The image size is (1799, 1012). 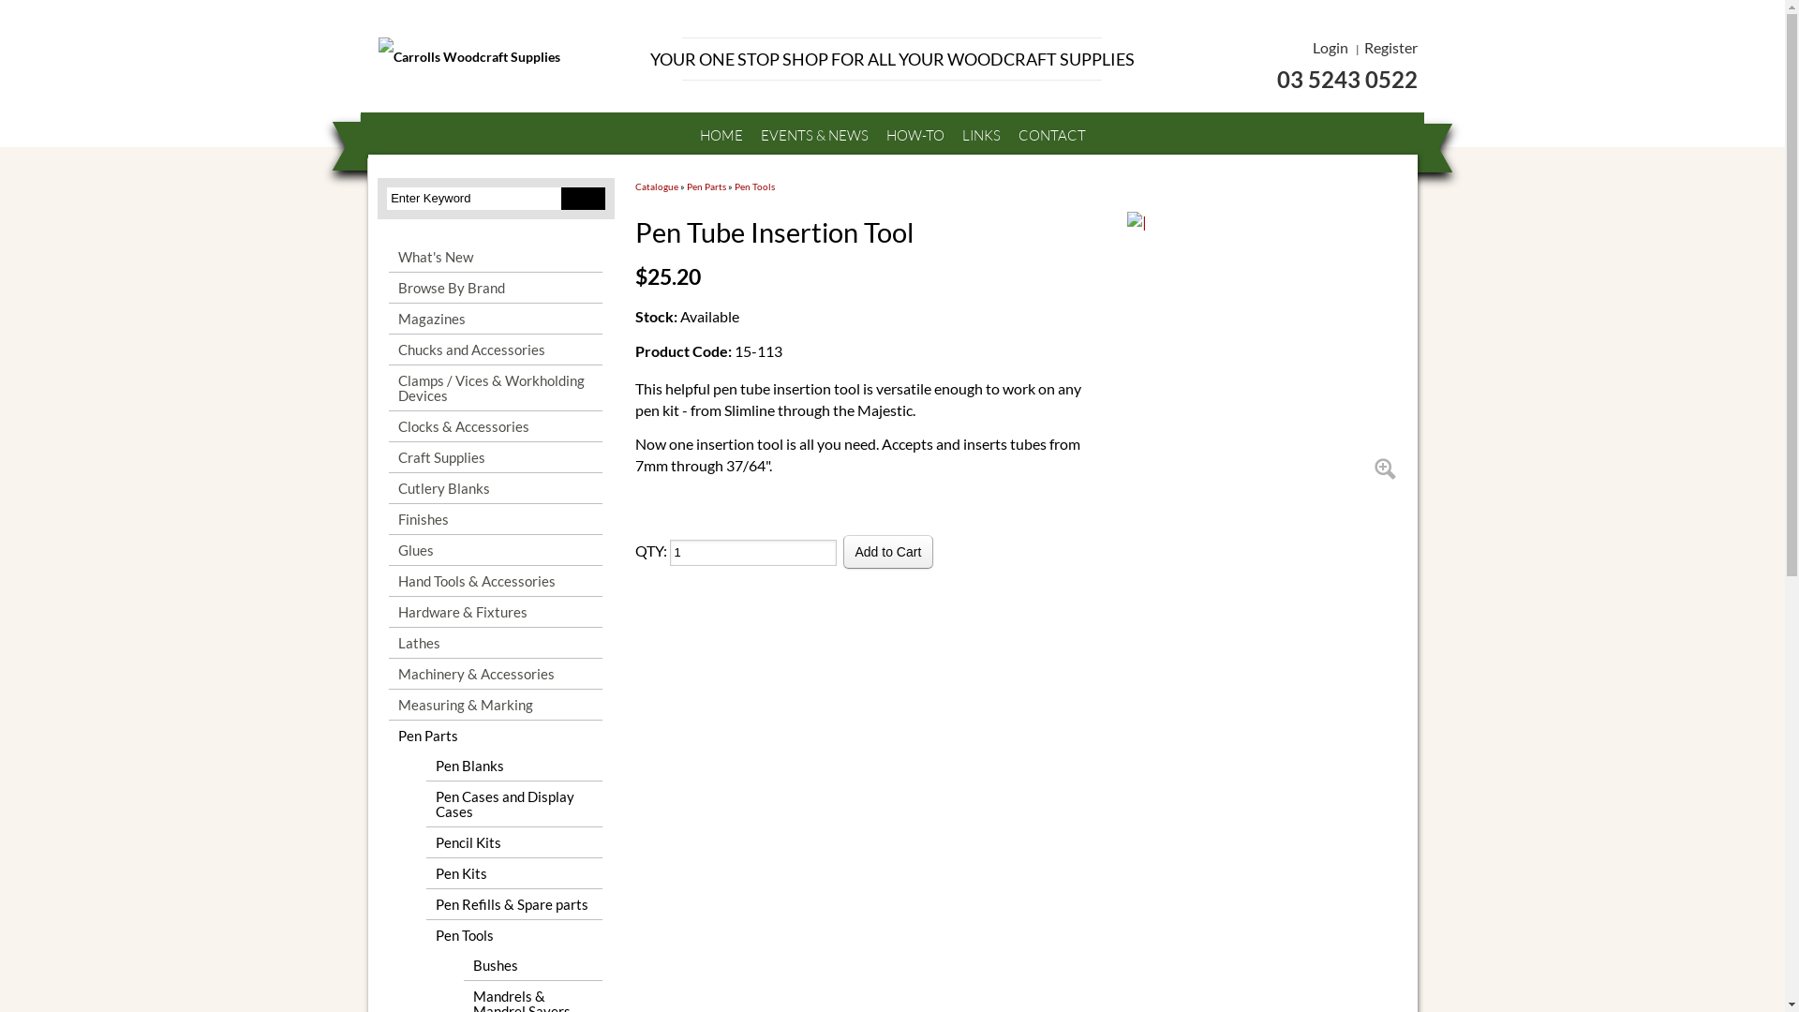 I want to click on 'LINKS', so click(x=979, y=134).